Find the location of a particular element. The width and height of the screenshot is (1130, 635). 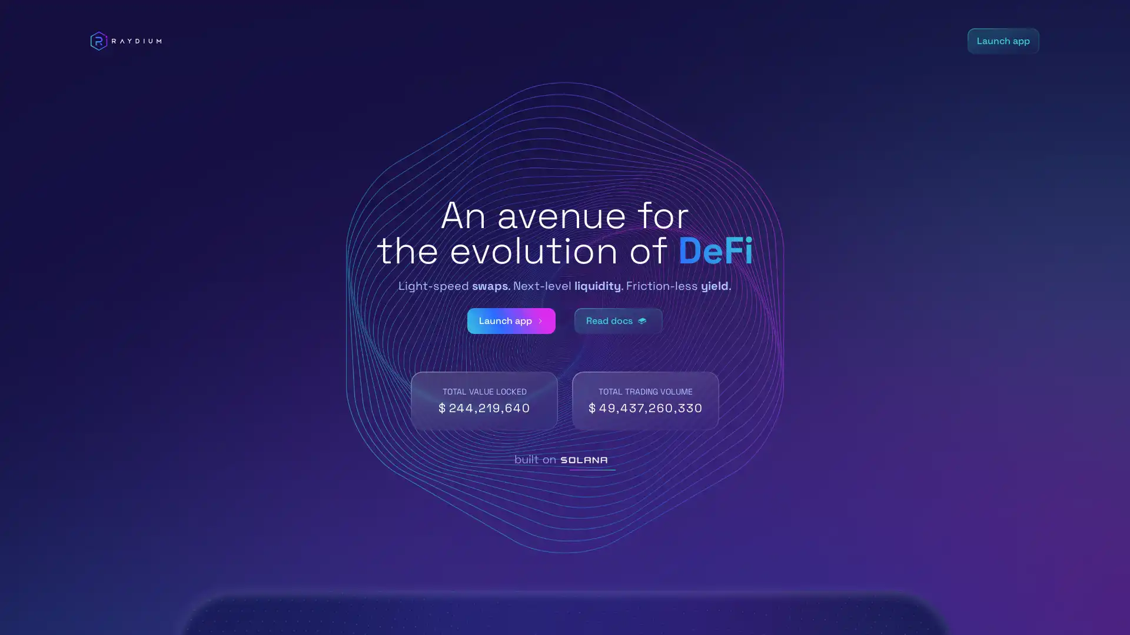

Launch app is located at coordinates (511, 321).